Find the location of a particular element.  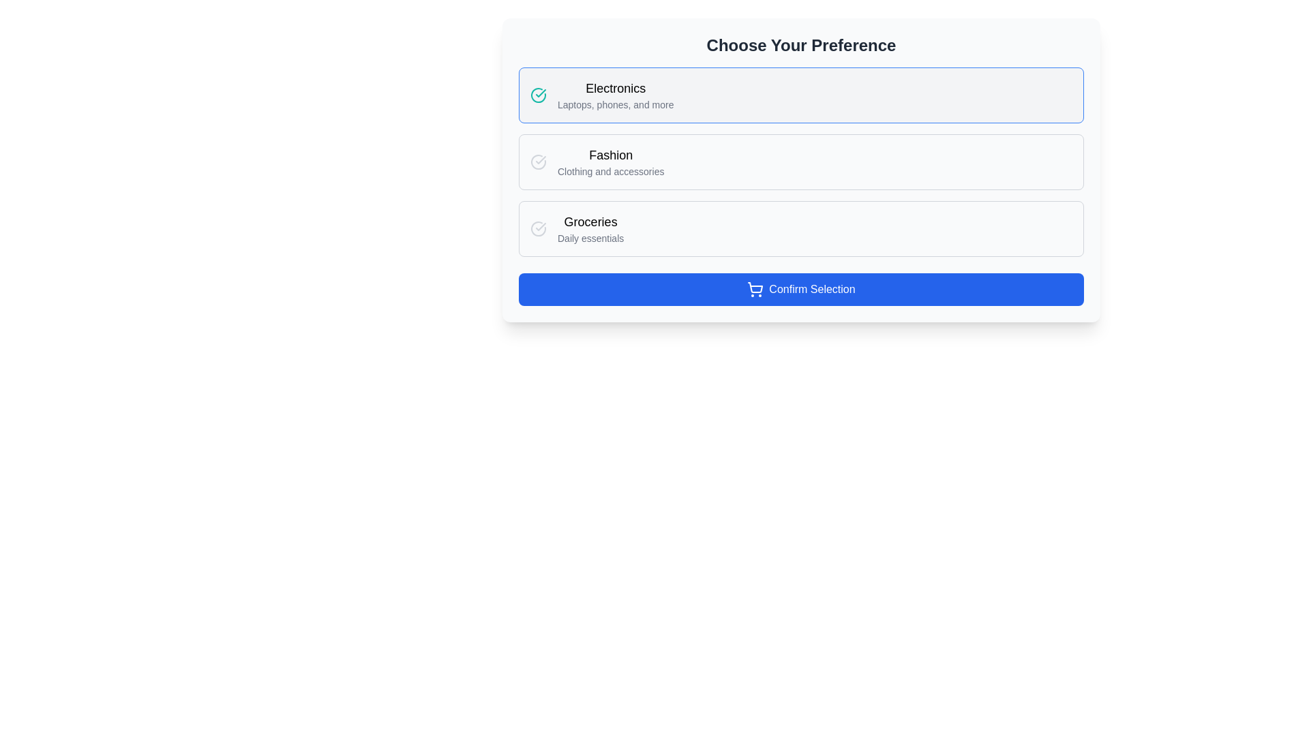

the 'Confirm Selection' button, which visually represents the shopping action and is located at the leftmost side of the button before the text 'Confirm Selection' is located at coordinates (755, 288).